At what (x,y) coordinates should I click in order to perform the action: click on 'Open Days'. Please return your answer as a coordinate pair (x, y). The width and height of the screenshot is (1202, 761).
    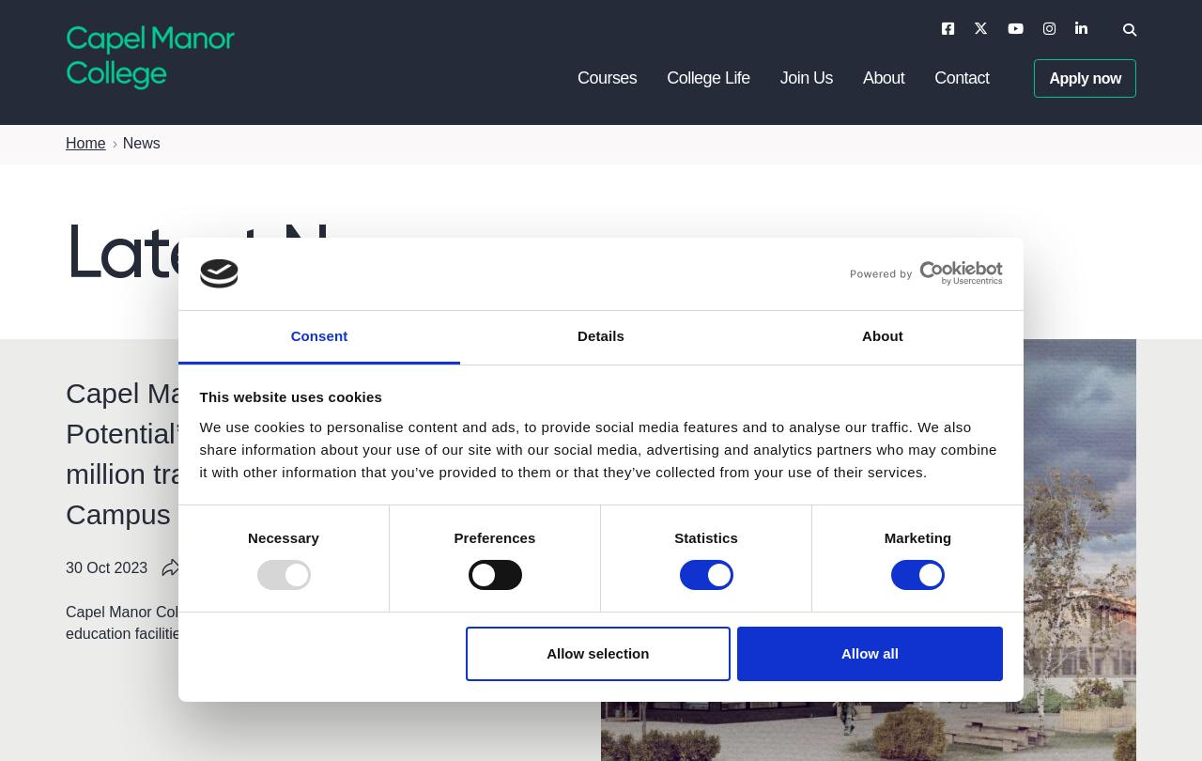
    Looking at the image, I should click on (836, 131).